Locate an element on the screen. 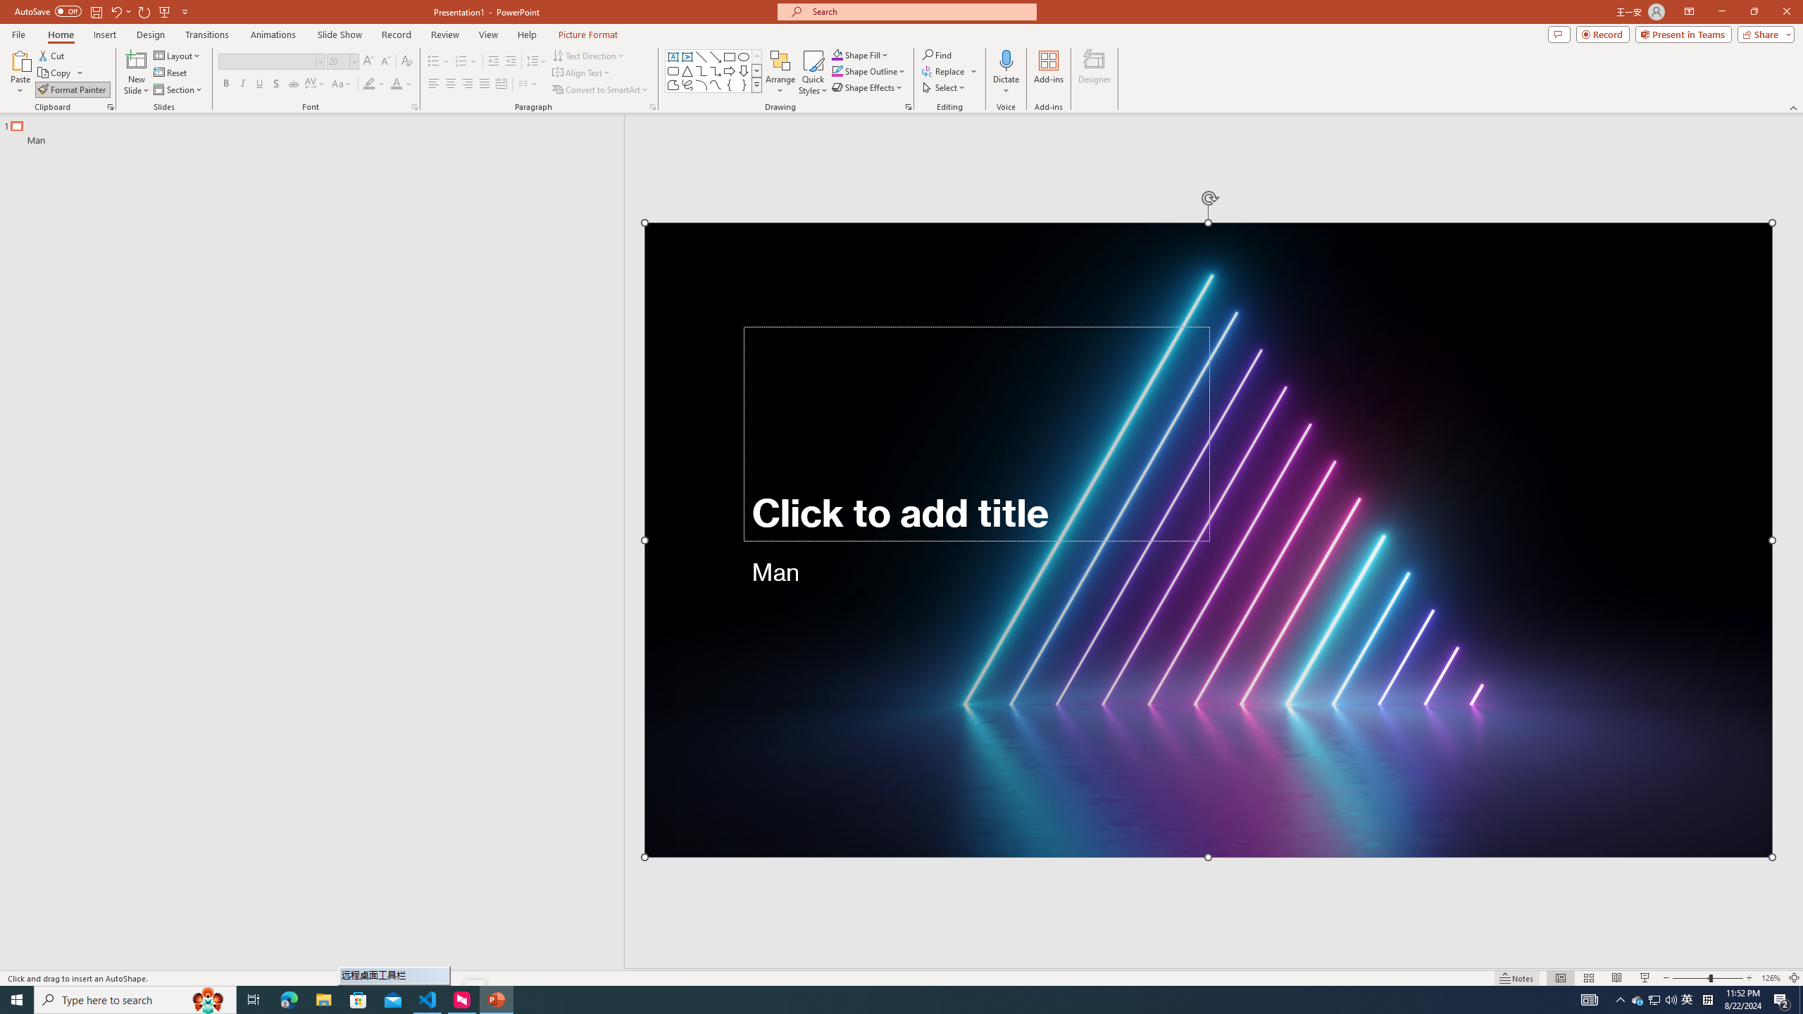 The image size is (1803, 1014). 'Change Case' is located at coordinates (342, 83).